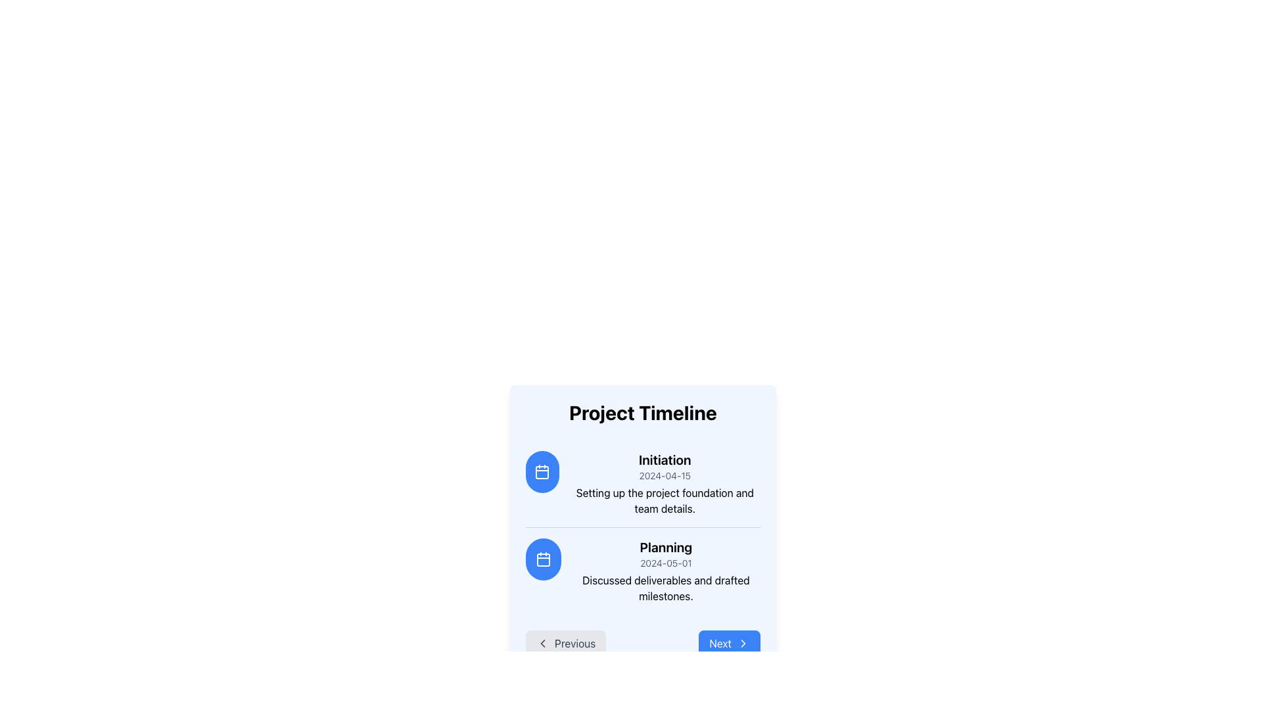  I want to click on information provided in the first entry of the Project Timeline which includes the bold title 'Initiation', the date '2024-04-15', and the description 'Setting up the project foundation and team details.', so click(643, 484).